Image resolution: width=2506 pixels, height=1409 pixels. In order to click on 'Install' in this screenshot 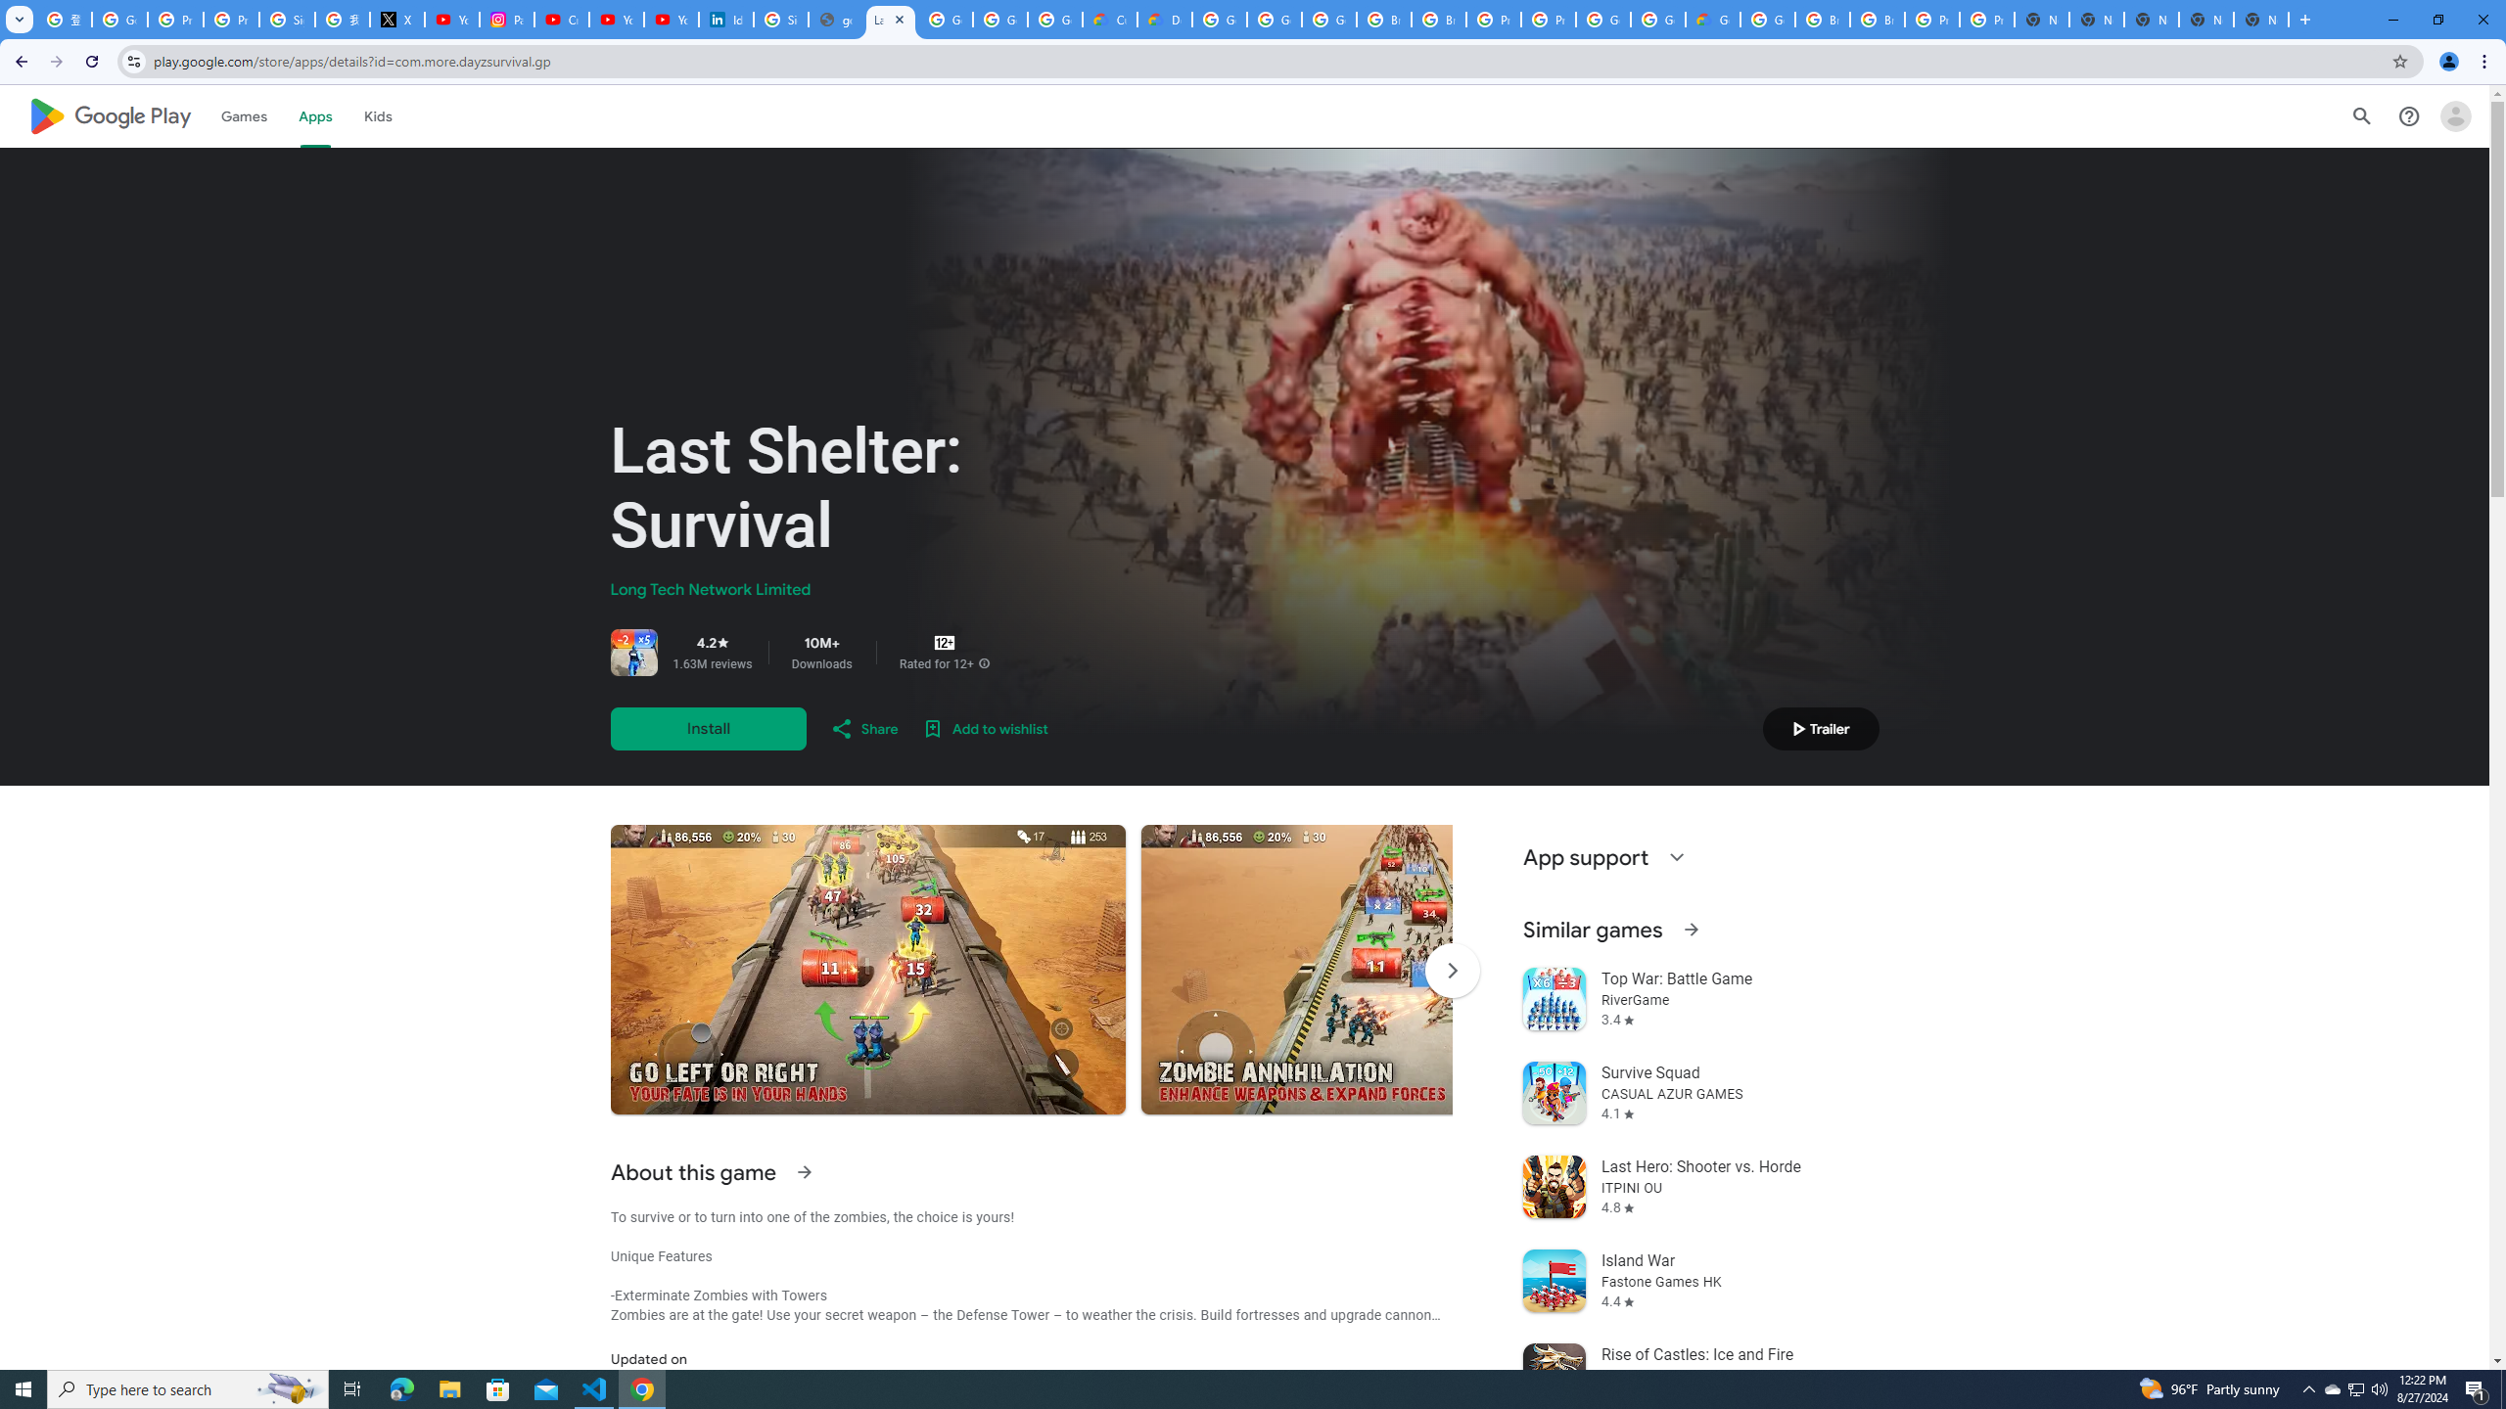, I will do `click(707, 728)`.